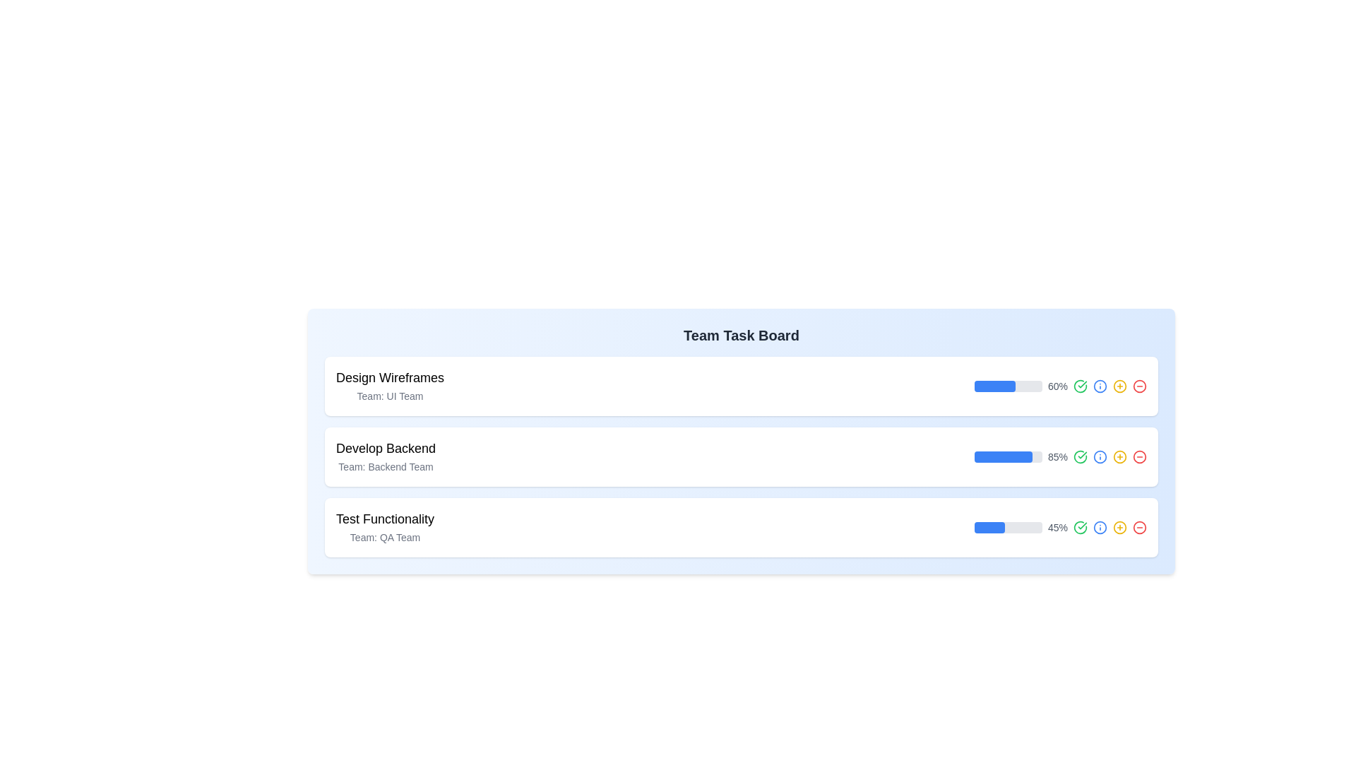 The width and height of the screenshot is (1356, 763). Describe the element at coordinates (1061, 528) in the screenshot. I see `the progress indicator displaying 45% completion for the task 'Test Functionality', located at the rightmost part of the third section in the task board` at that location.